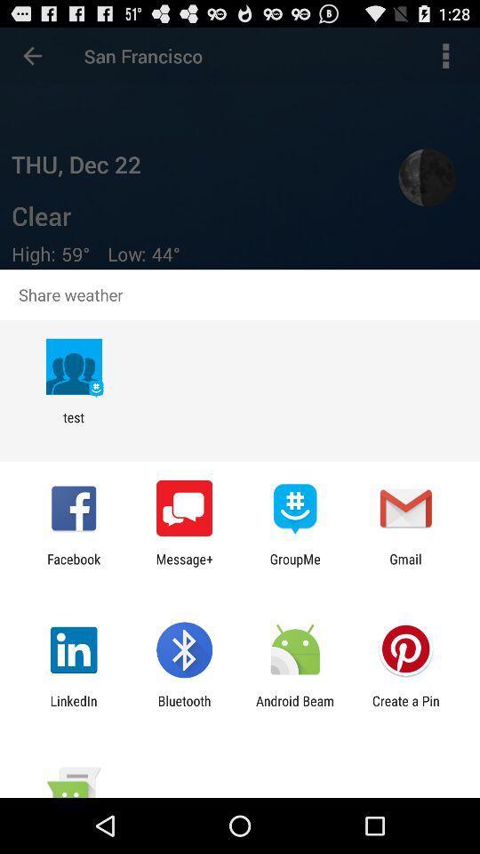 This screenshot has height=854, width=480. What do you see at coordinates (73, 708) in the screenshot?
I see `the item to the left of the bluetooth item` at bounding box center [73, 708].